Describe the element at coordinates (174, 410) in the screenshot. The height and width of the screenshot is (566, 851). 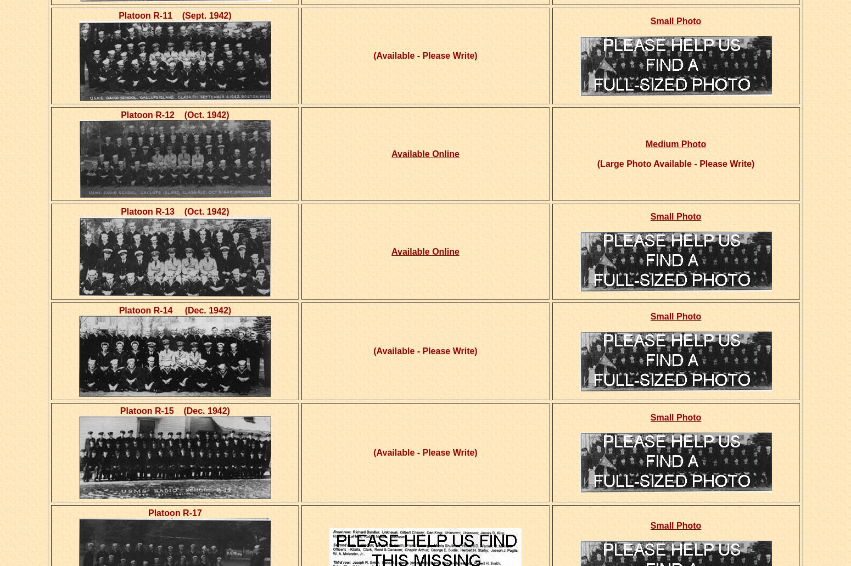
I see `'Platoon R-15    (Dec. 
                
                1942)'` at that location.